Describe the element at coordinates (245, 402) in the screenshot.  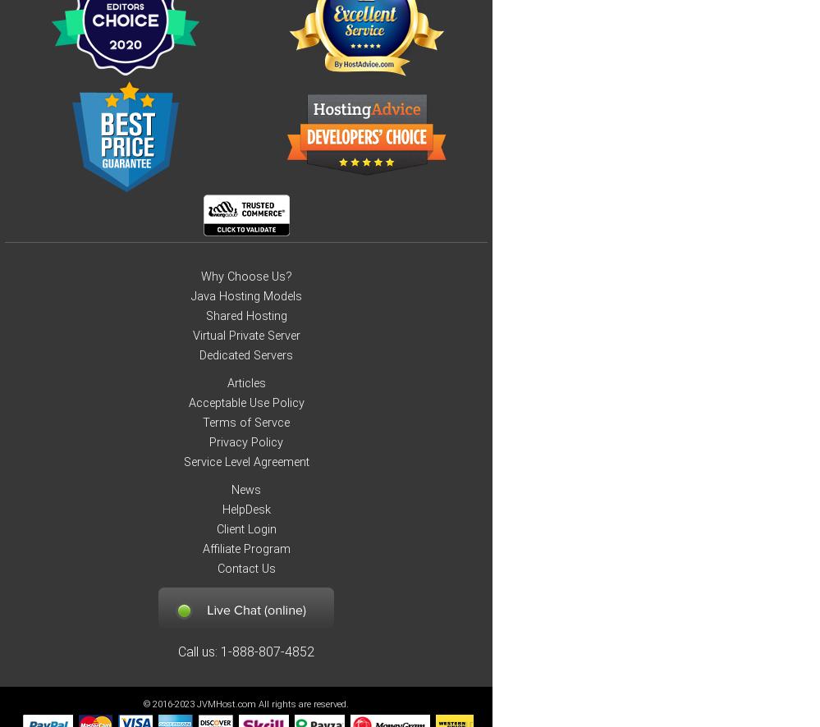
I see `'Acceptable Use Policy'` at that location.